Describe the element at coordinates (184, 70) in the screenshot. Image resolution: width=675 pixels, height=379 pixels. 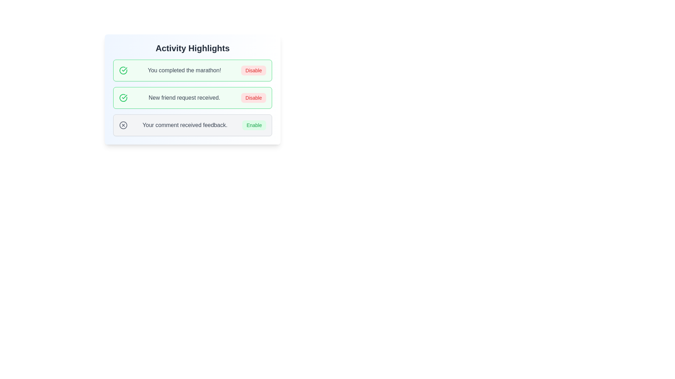
I see `the static text label that indicates the completion of a marathon, located in the top notification card, between an icon and a 'Disable' button` at that location.